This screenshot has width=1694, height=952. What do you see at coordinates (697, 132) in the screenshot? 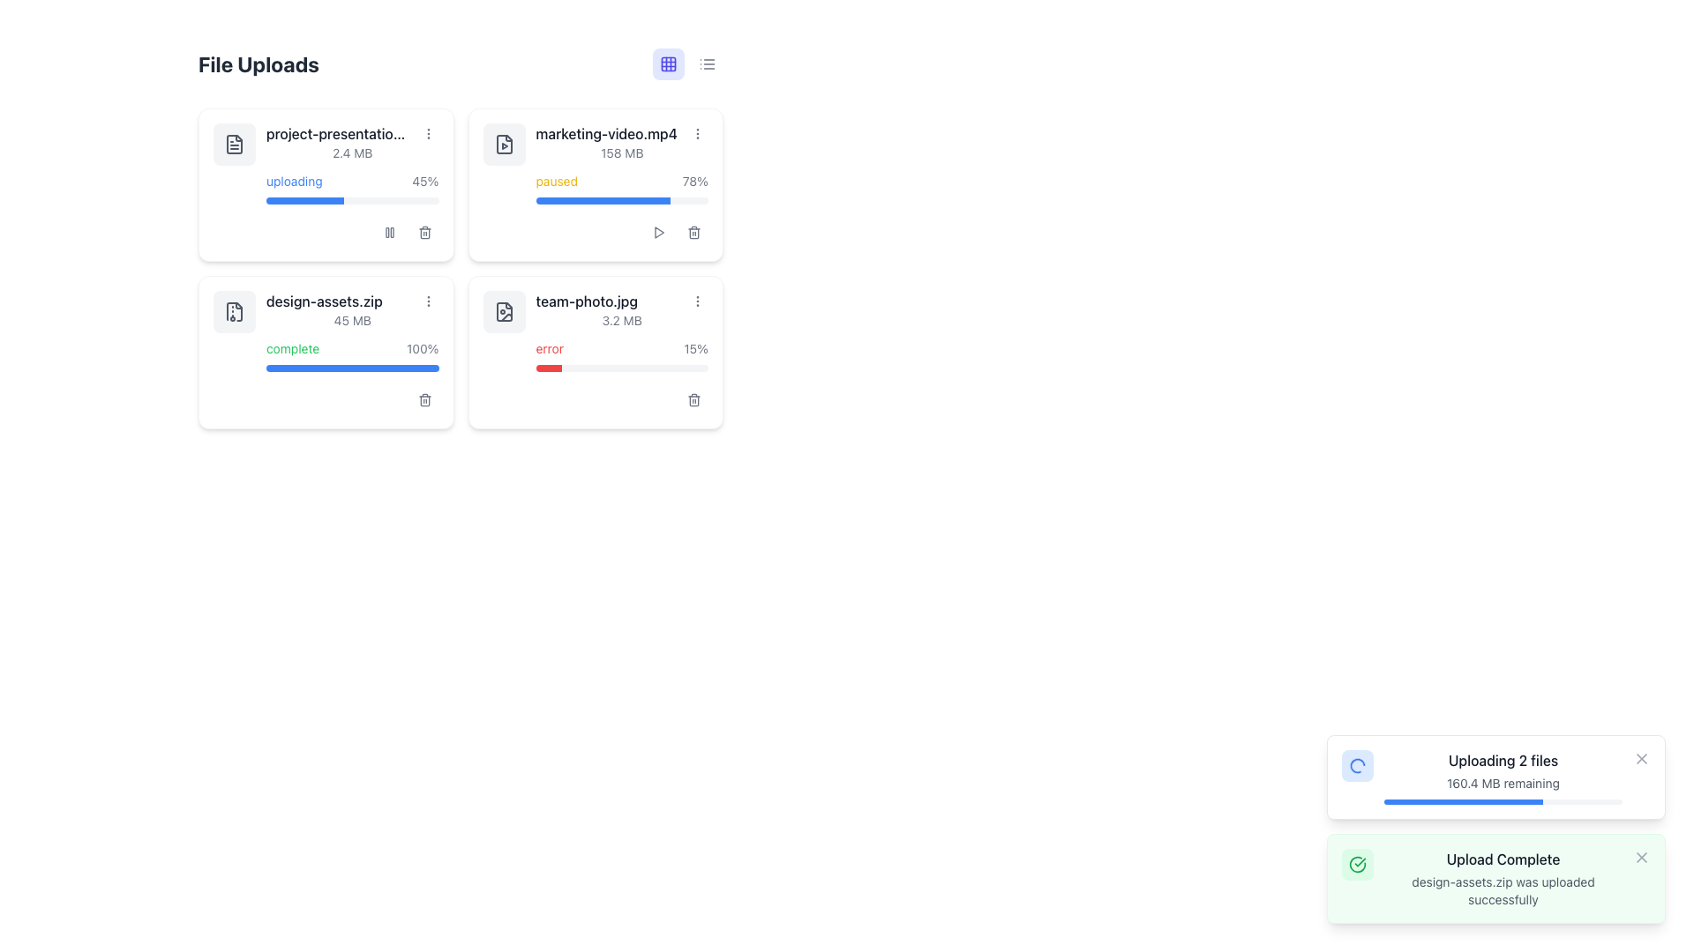
I see `the vertical ellipsis button (more options icon) located to the right of the file name 'marketing-video.mp4'` at bounding box center [697, 132].